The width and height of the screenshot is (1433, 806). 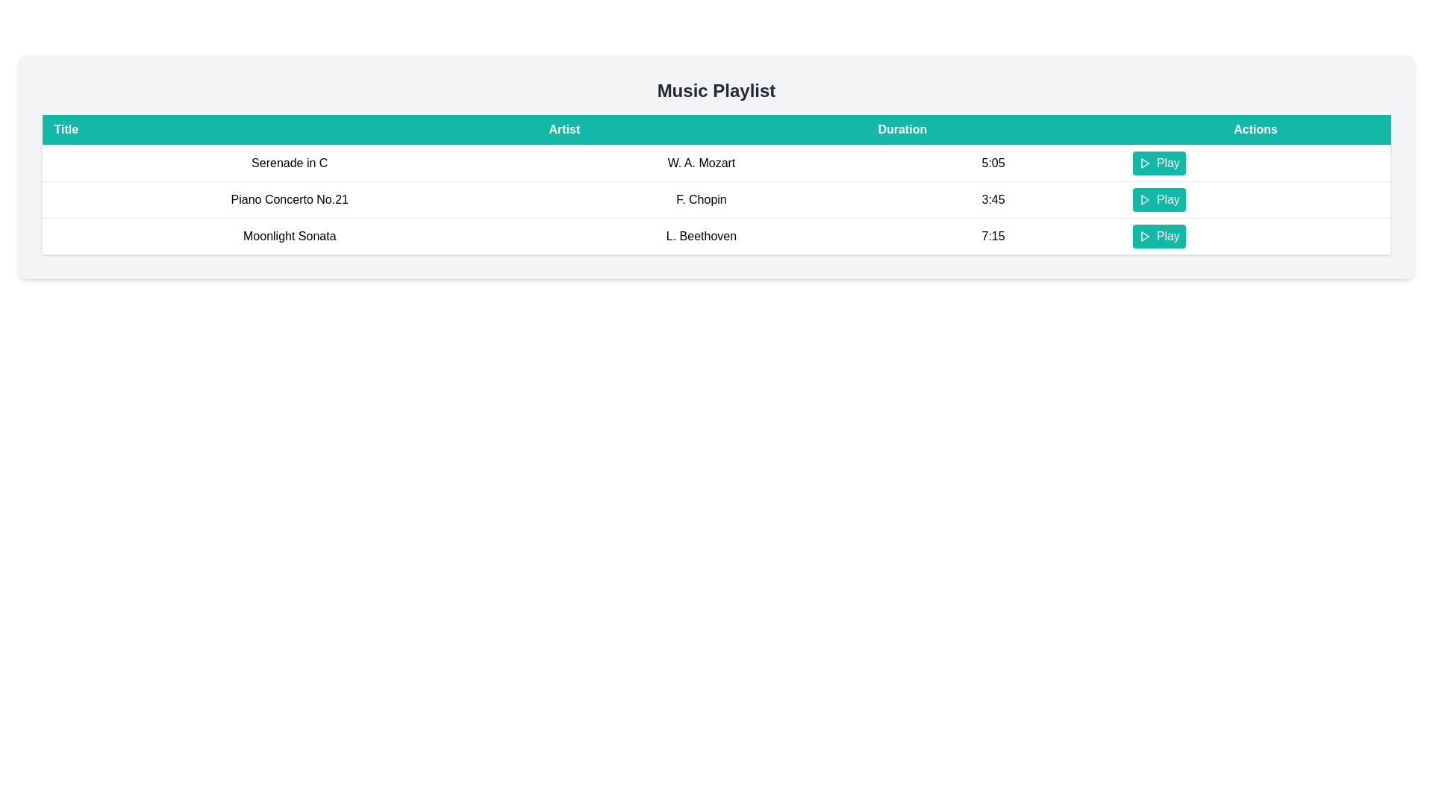 What do you see at coordinates (290, 199) in the screenshot?
I see `the static text label that identifies the music piece title in the second row of the table under the 'Title' column` at bounding box center [290, 199].